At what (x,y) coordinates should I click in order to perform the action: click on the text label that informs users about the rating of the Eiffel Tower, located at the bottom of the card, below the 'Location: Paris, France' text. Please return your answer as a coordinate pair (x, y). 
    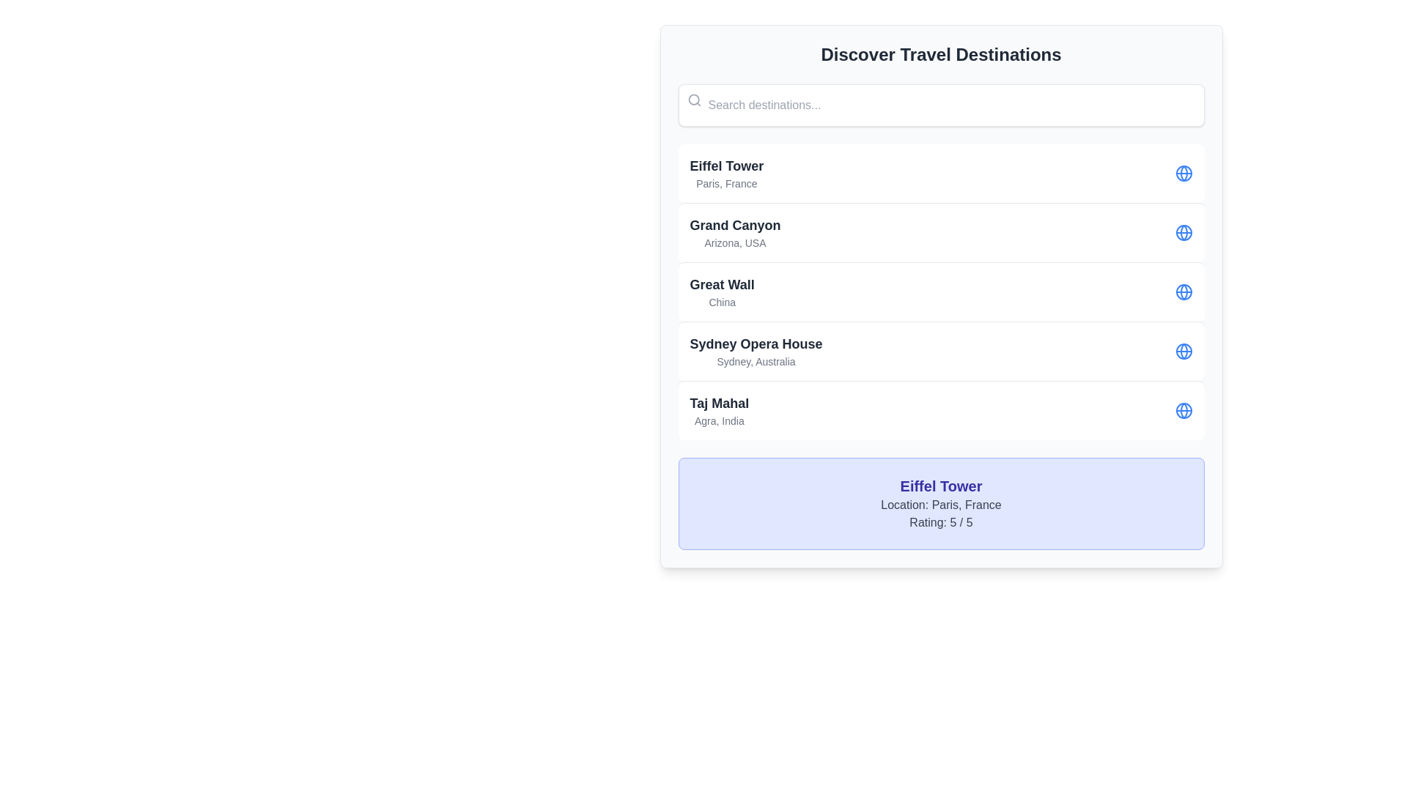
    Looking at the image, I should click on (941, 521).